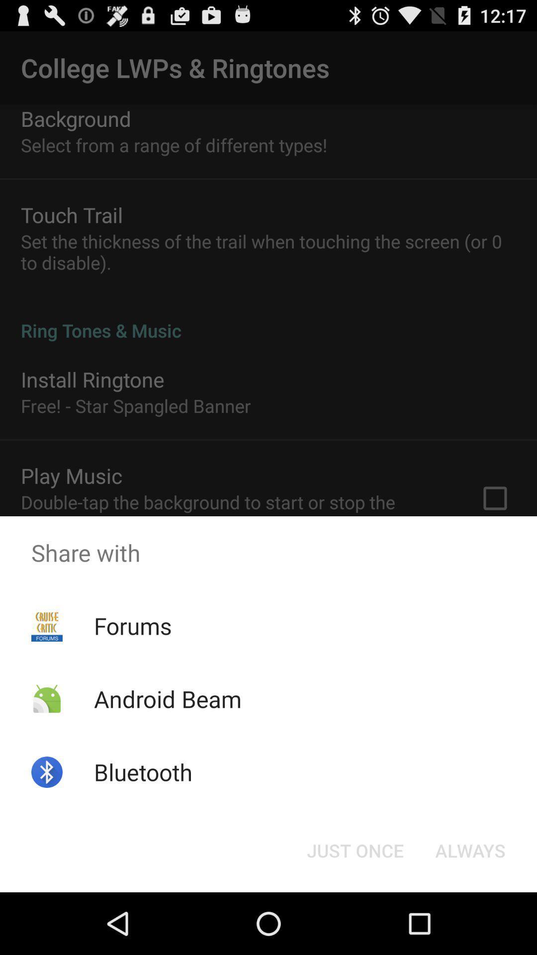  I want to click on item to the left of the always button, so click(355, 850).